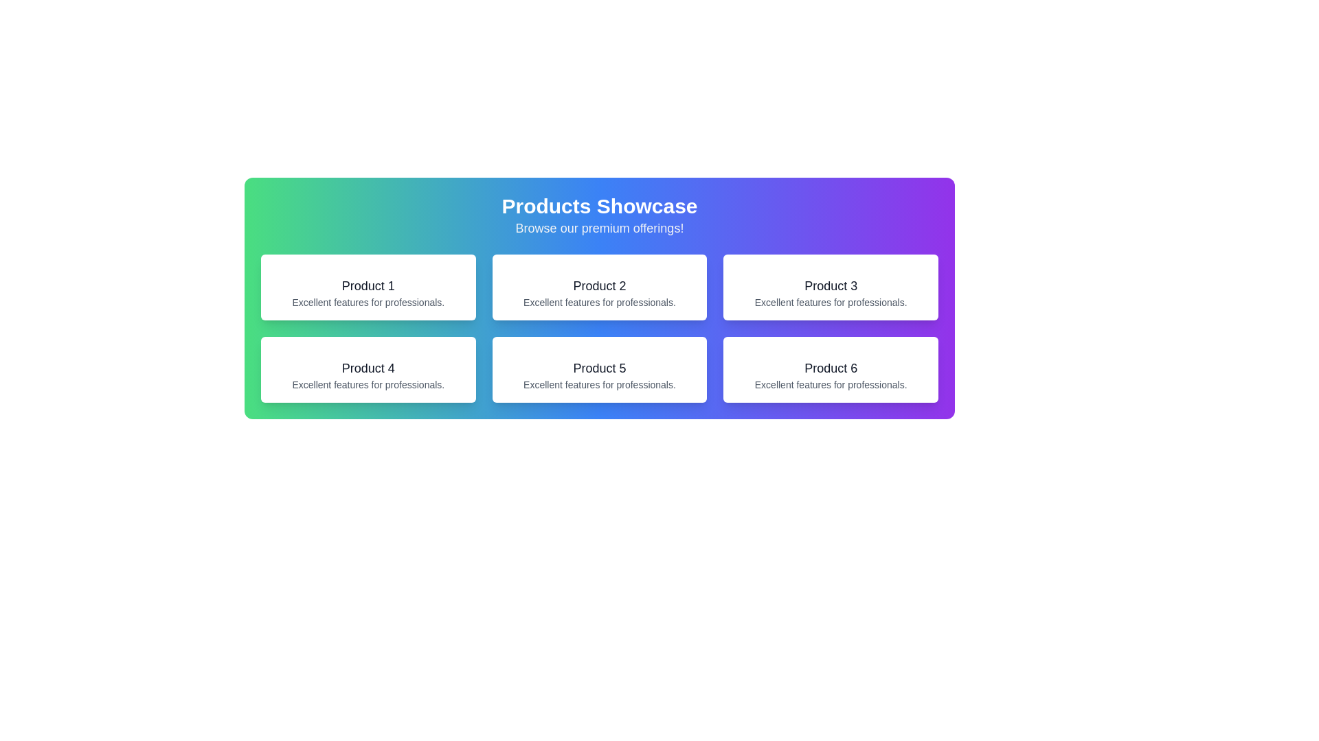  Describe the element at coordinates (600, 369) in the screenshot. I see `the rectangular card displaying 'Product 5' with a white background and rounded corners, located in the second position of the second row in a grid layout` at that location.